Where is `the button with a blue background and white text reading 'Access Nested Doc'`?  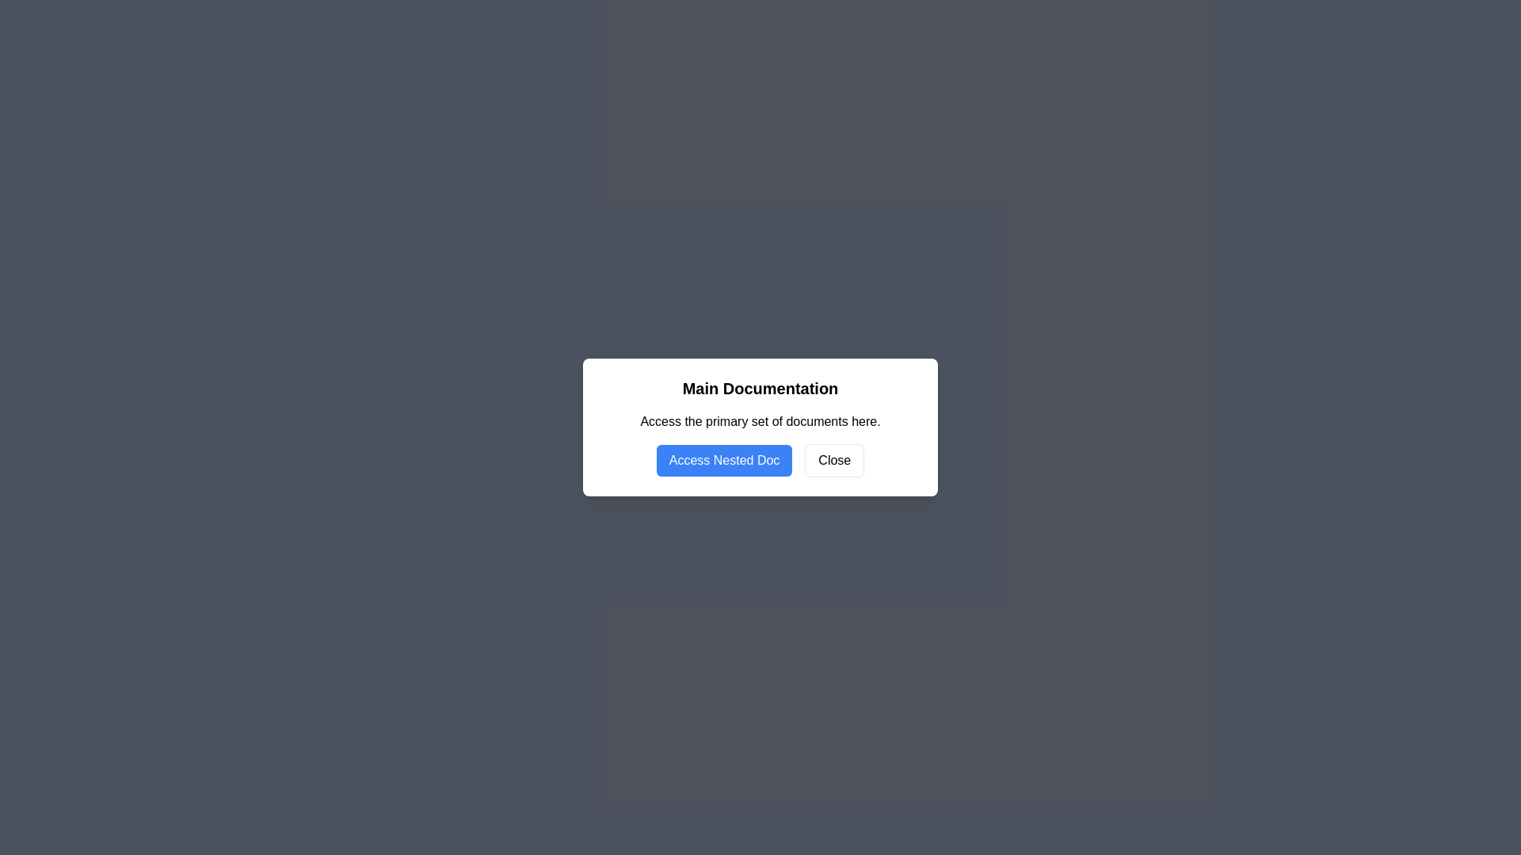
the button with a blue background and white text reading 'Access Nested Doc' is located at coordinates (723, 461).